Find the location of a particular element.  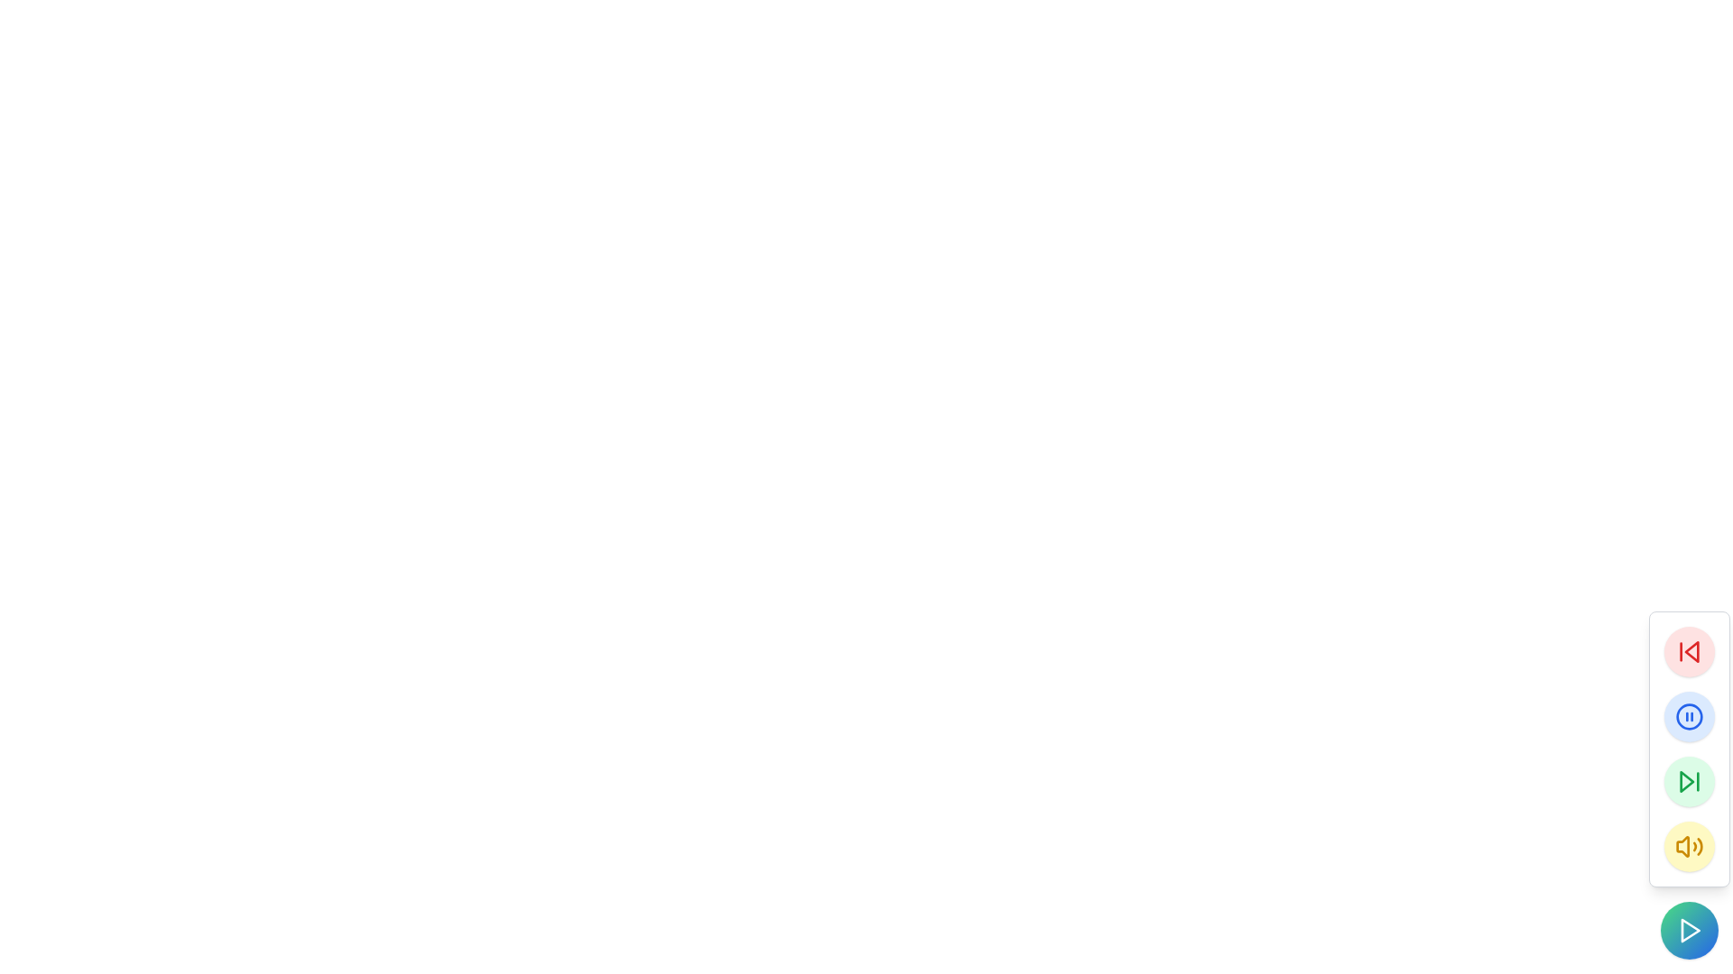

the triangular Iconic Button, which is the third button from the top in a vertically aligned group on the right edge of the interface, to skip forward is located at coordinates (1685, 781).